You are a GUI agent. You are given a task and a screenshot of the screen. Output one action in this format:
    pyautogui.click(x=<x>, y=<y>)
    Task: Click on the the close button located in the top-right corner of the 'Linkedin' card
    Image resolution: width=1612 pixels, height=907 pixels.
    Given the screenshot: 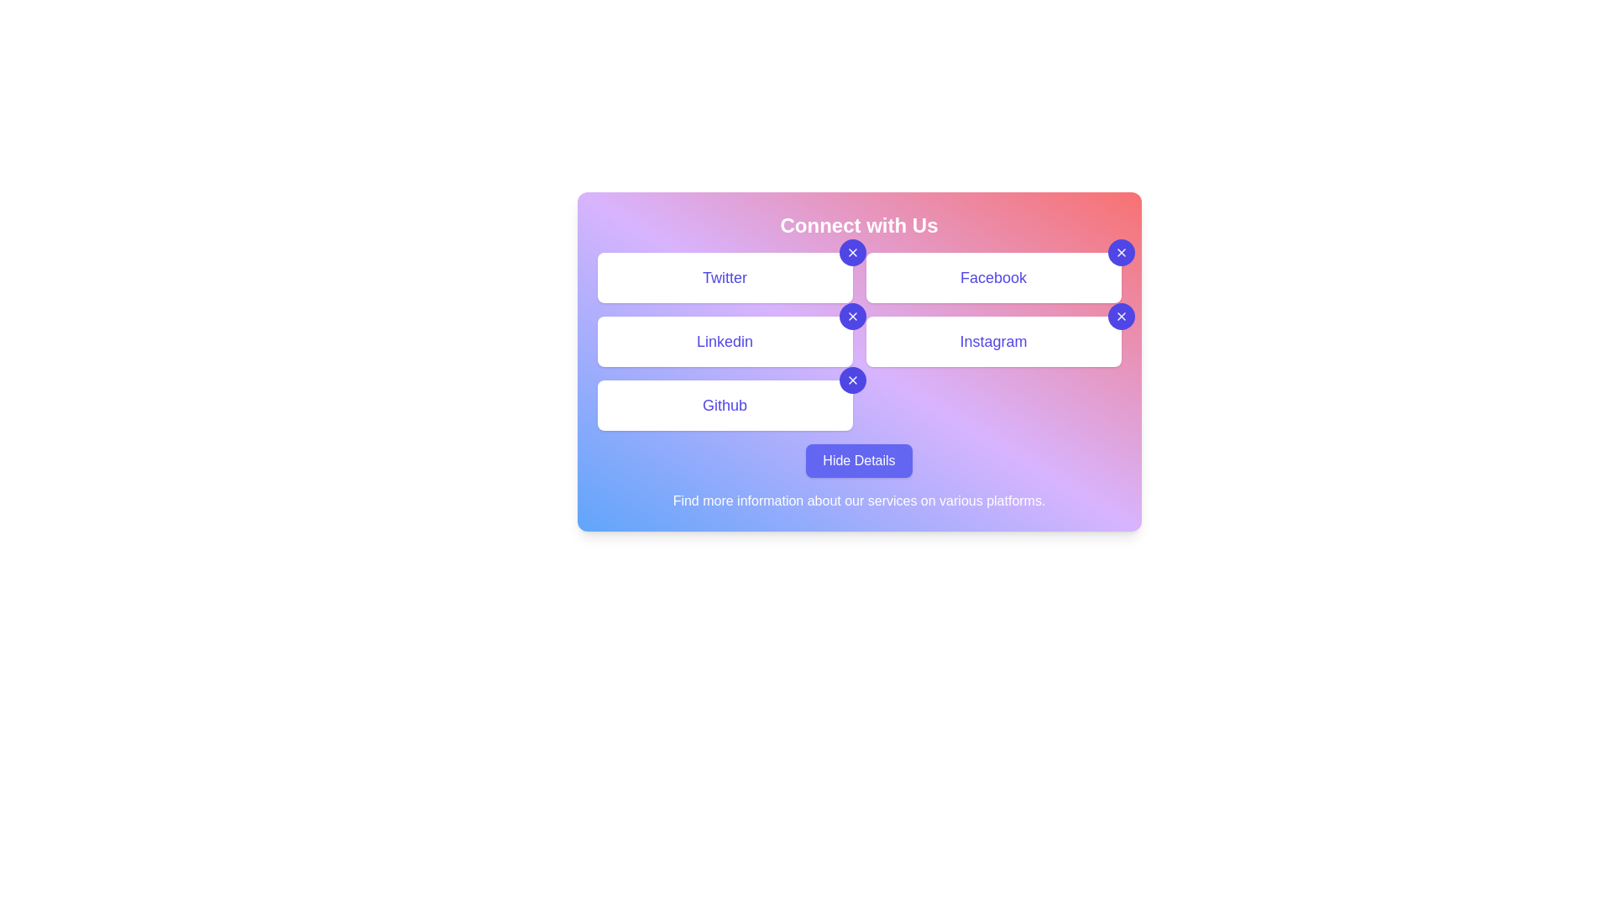 What is the action you would take?
    pyautogui.click(x=852, y=317)
    